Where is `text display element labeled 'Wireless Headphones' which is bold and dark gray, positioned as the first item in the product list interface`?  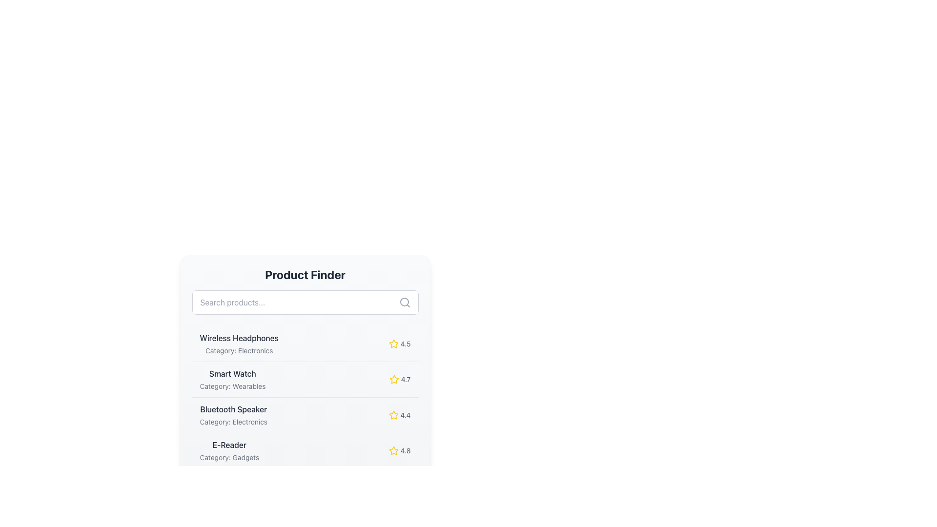
text display element labeled 'Wireless Headphones' which is bold and dark gray, positioned as the first item in the product list interface is located at coordinates (239, 344).